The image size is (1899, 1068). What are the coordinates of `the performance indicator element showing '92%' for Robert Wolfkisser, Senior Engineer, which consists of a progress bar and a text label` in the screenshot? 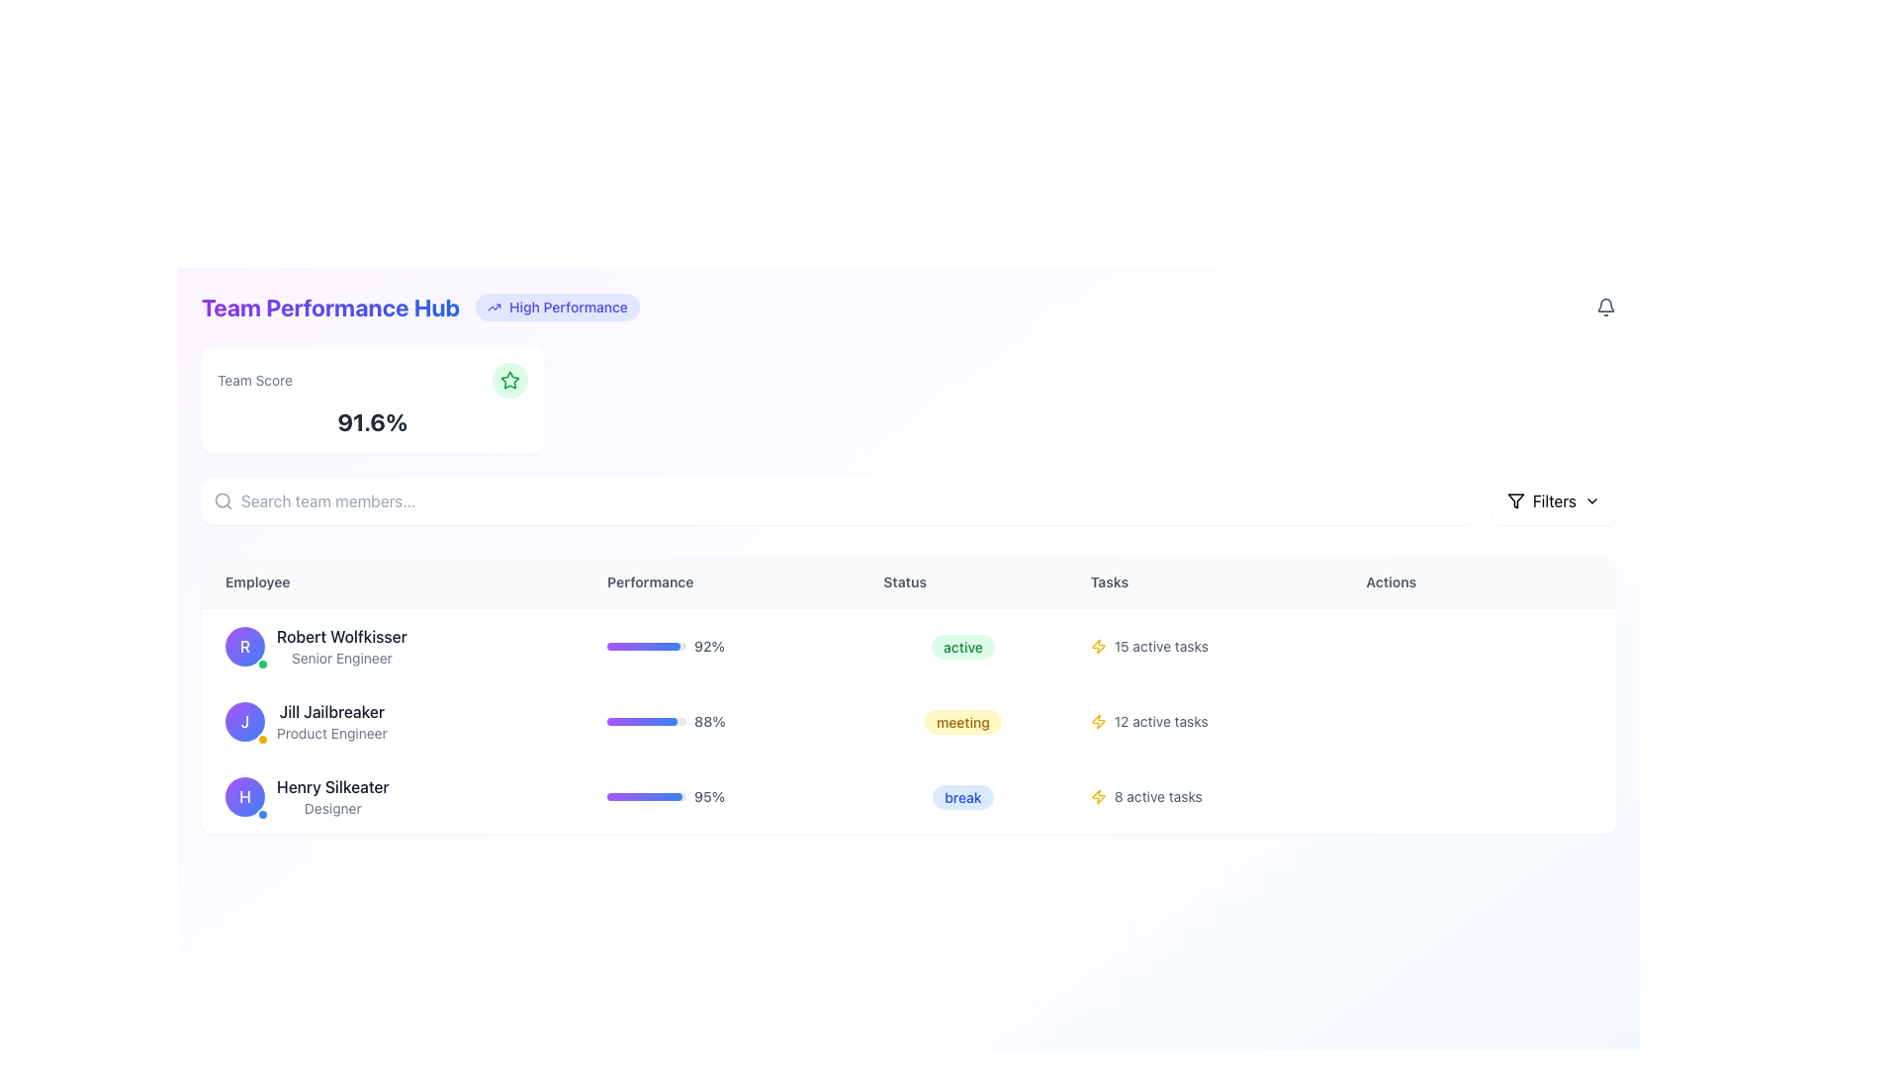 It's located at (720, 646).